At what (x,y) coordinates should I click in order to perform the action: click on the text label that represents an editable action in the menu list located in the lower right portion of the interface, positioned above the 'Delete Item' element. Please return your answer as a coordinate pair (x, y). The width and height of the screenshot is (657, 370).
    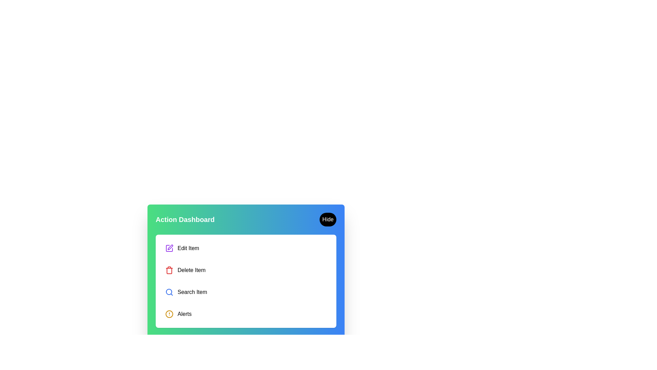
    Looking at the image, I should click on (188, 248).